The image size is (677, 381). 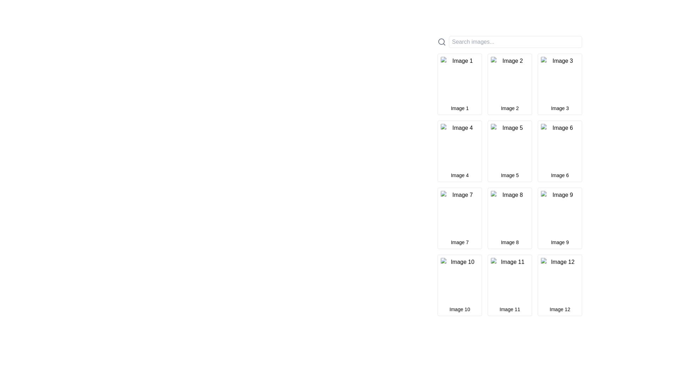 I want to click on the gallery item displaying 'Image 10' in the fourth row, first column of the grid layout, so click(x=460, y=285).